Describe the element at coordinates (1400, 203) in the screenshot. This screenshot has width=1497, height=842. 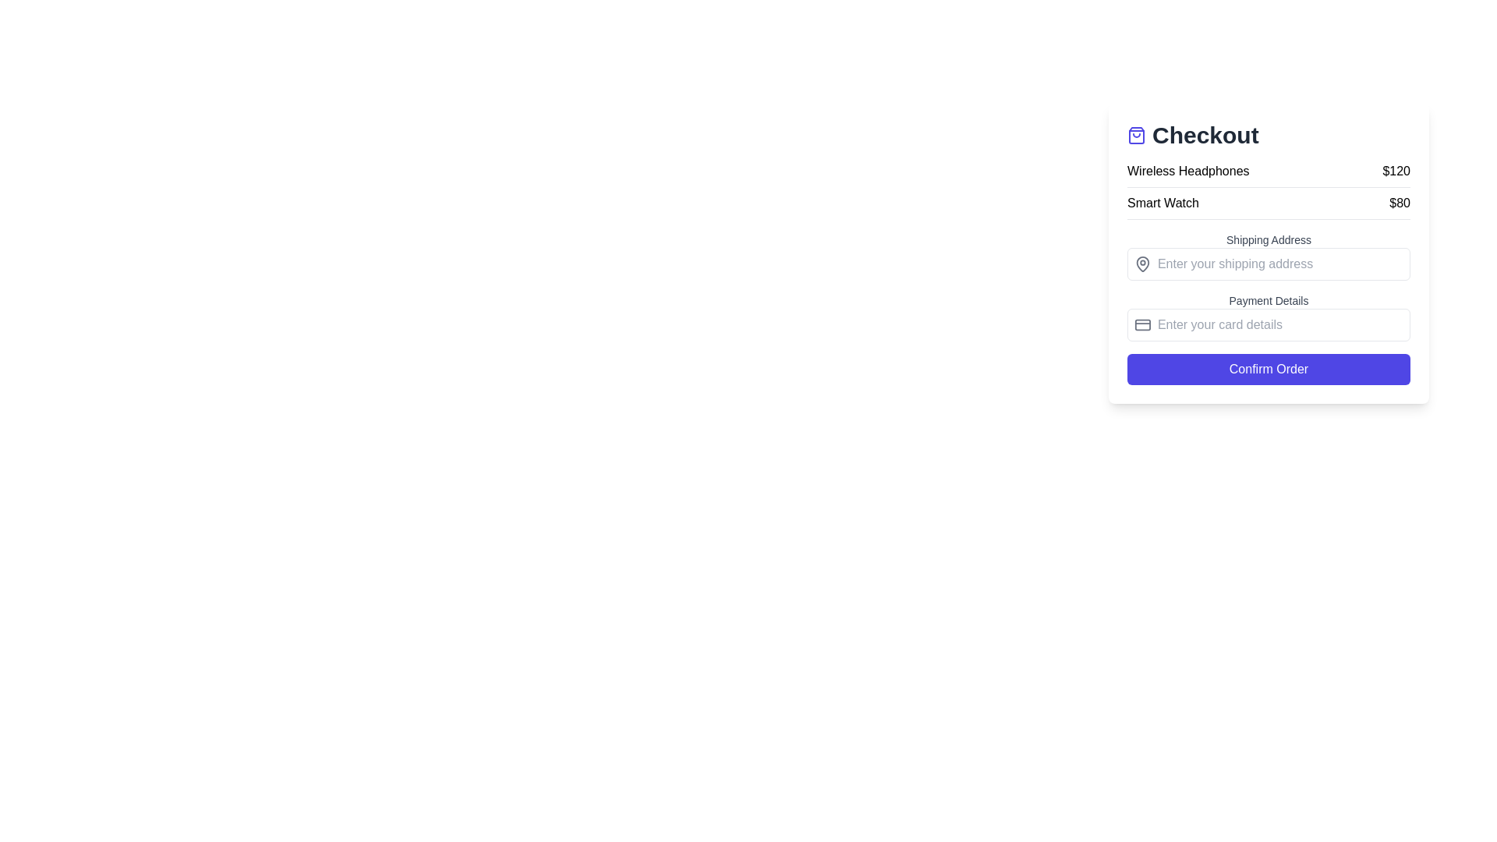
I see `the price label displaying '$80' next to 'Smart Watch' in the checkout interface` at that location.